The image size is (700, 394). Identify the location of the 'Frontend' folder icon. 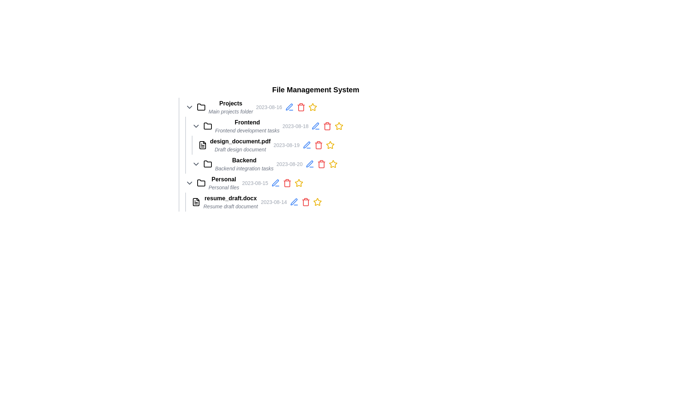
(207, 126).